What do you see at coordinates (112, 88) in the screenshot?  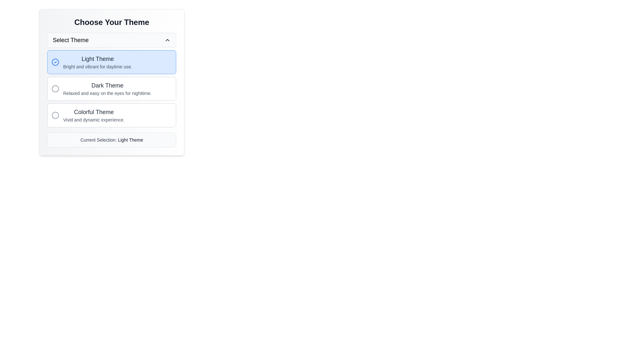 I see `the 'Dark Theme' selectable list item with an embedded radio button` at bounding box center [112, 88].